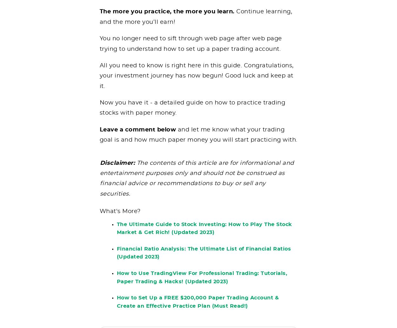 The width and height of the screenshot is (397, 328). Describe the element at coordinates (195, 21) in the screenshot. I see `'Continue learning, and the more you’ll earn!'` at that location.